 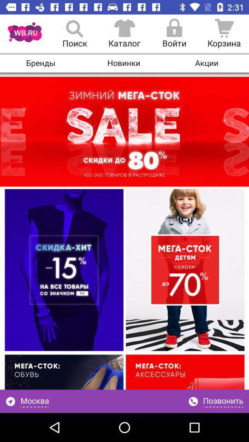 What do you see at coordinates (74, 34) in the screenshot?
I see `the search icon` at bounding box center [74, 34].